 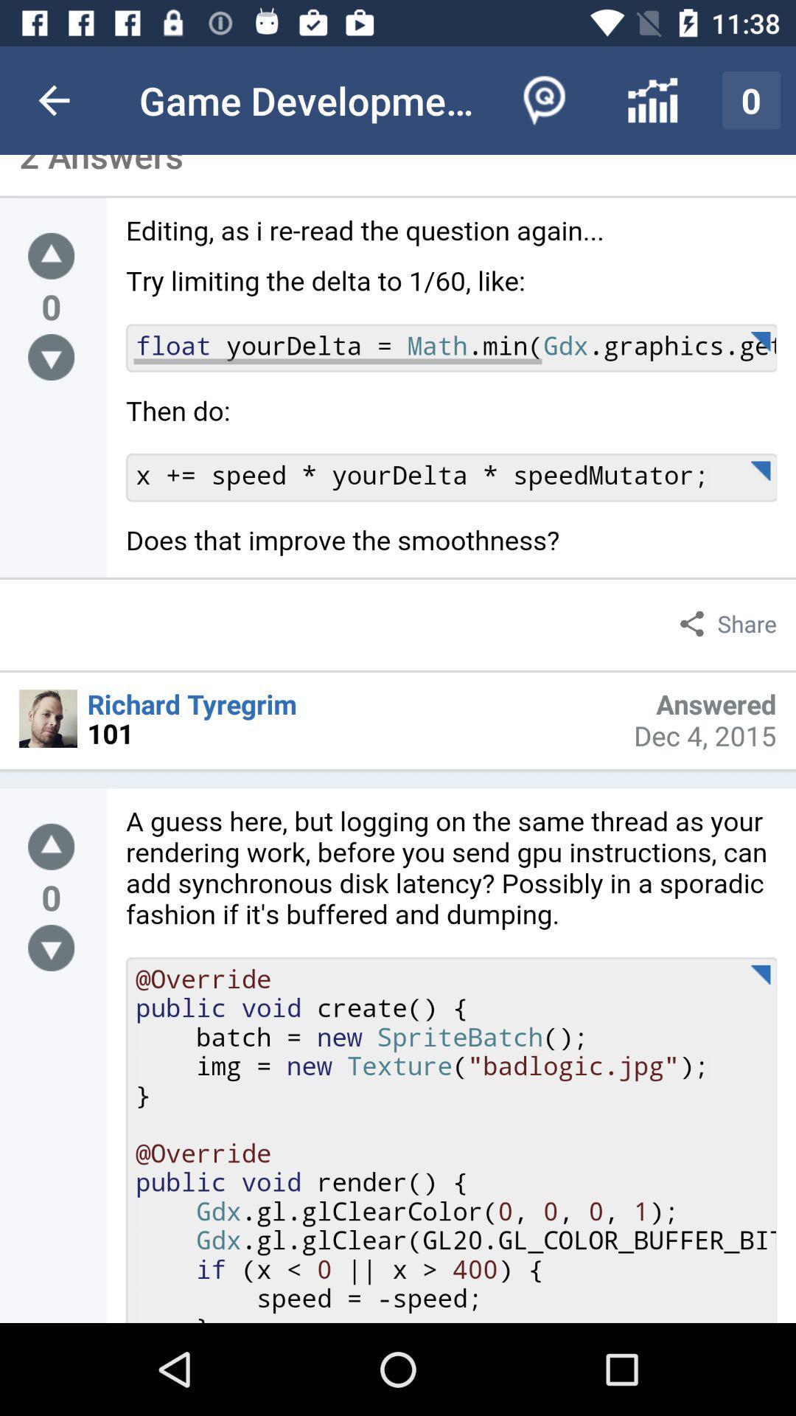 What do you see at coordinates (50, 847) in the screenshot?
I see `bell button` at bounding box center [50, 847].